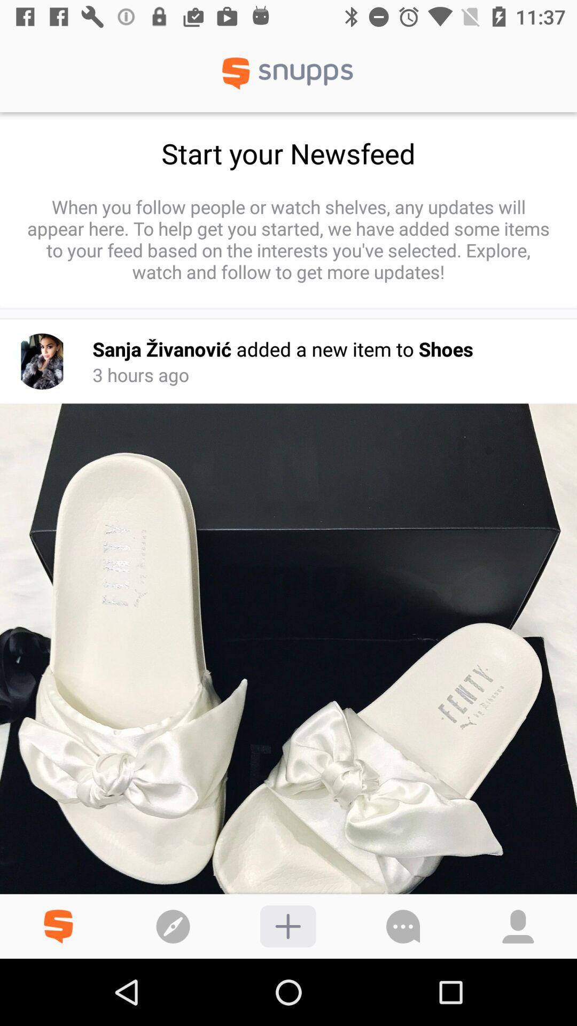  Describe the element at coordinates (287, 926) in the screenshot. I see `post` at that location.